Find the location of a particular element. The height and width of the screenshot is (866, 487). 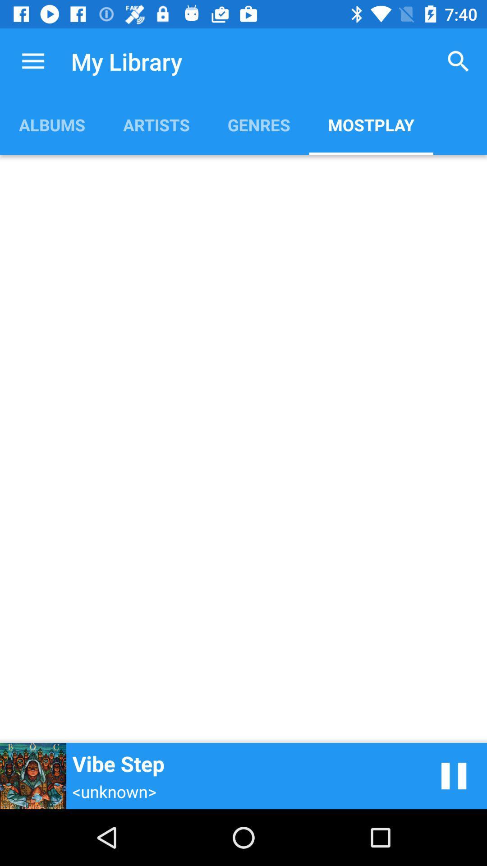

app next to albums app is located at coordinates (156, 124).